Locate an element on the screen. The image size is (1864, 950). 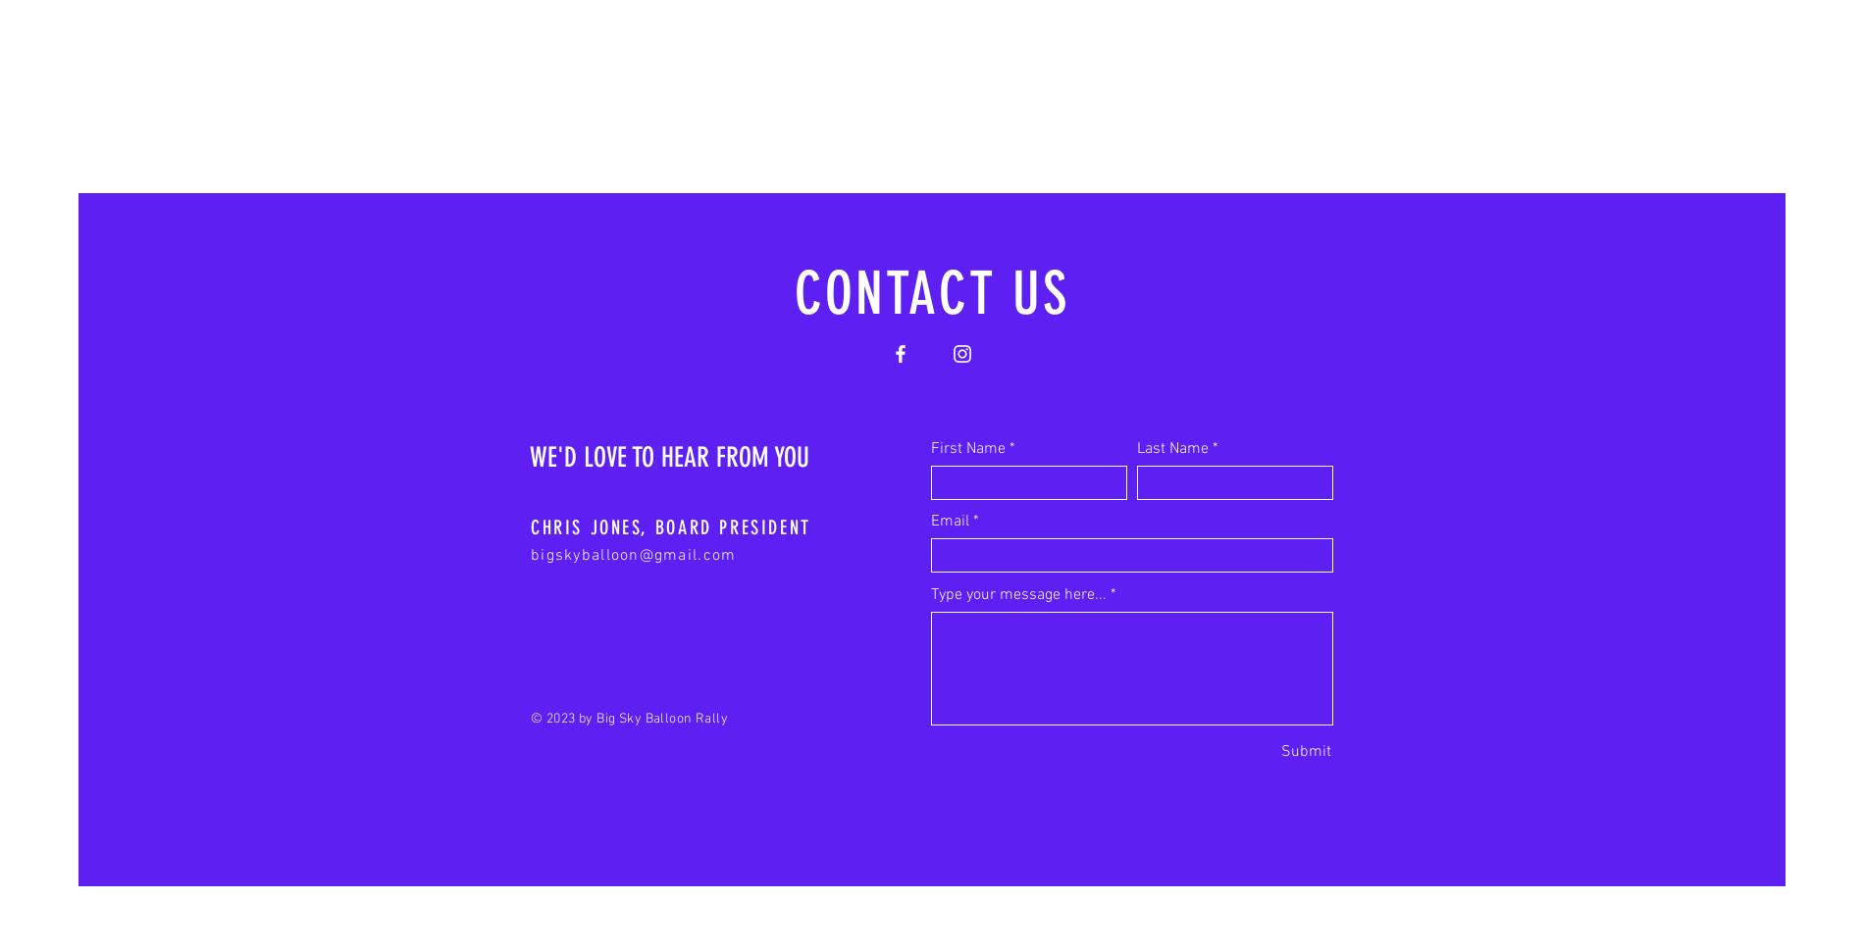
'Type your message here...' is located at coordinates (1018, 593).